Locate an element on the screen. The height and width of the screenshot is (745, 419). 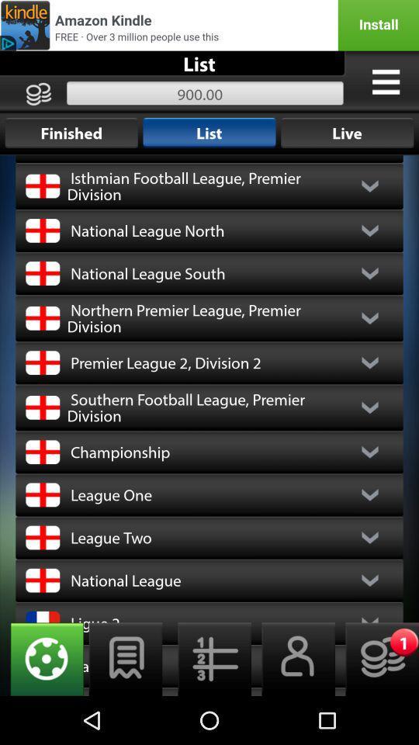
the chat icon is located at coordinates (125, 705).